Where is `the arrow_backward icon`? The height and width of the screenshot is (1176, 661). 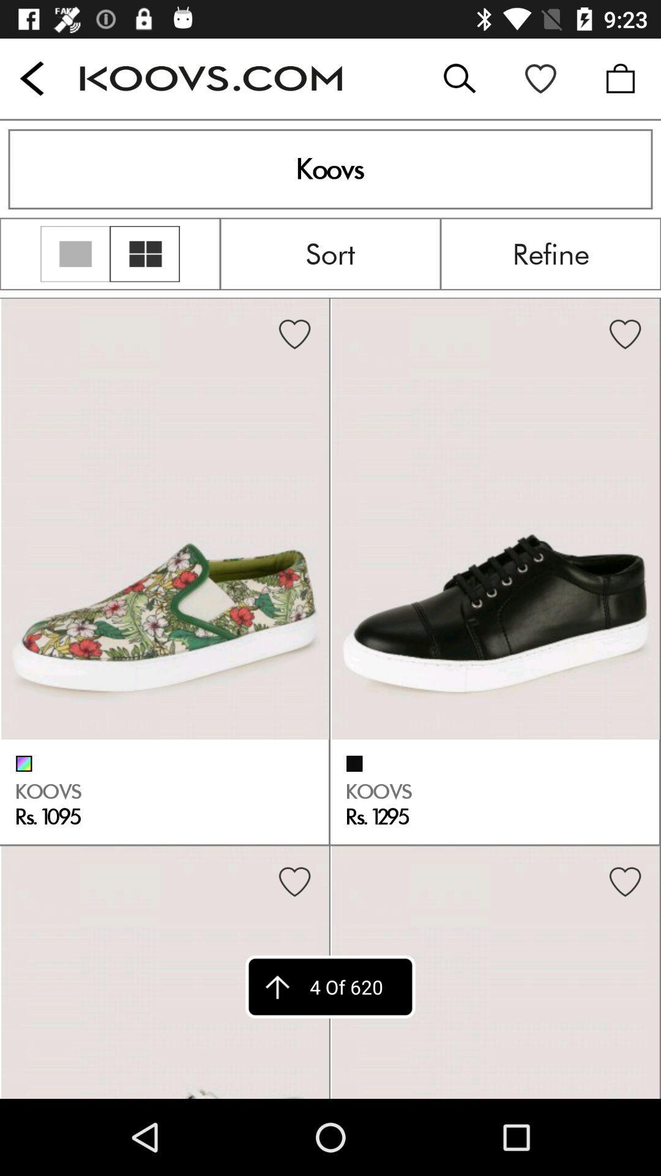 the arrow_backward icon is located at coordinates (31, 78).